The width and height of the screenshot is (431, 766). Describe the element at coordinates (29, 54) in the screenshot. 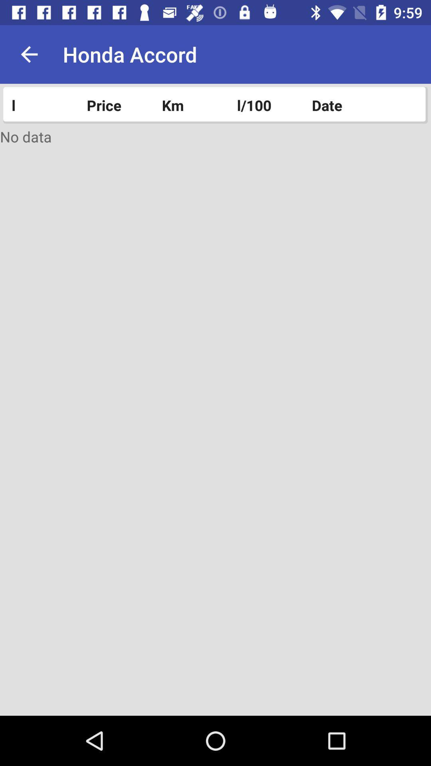

I see `the item above the l icon` at that location.